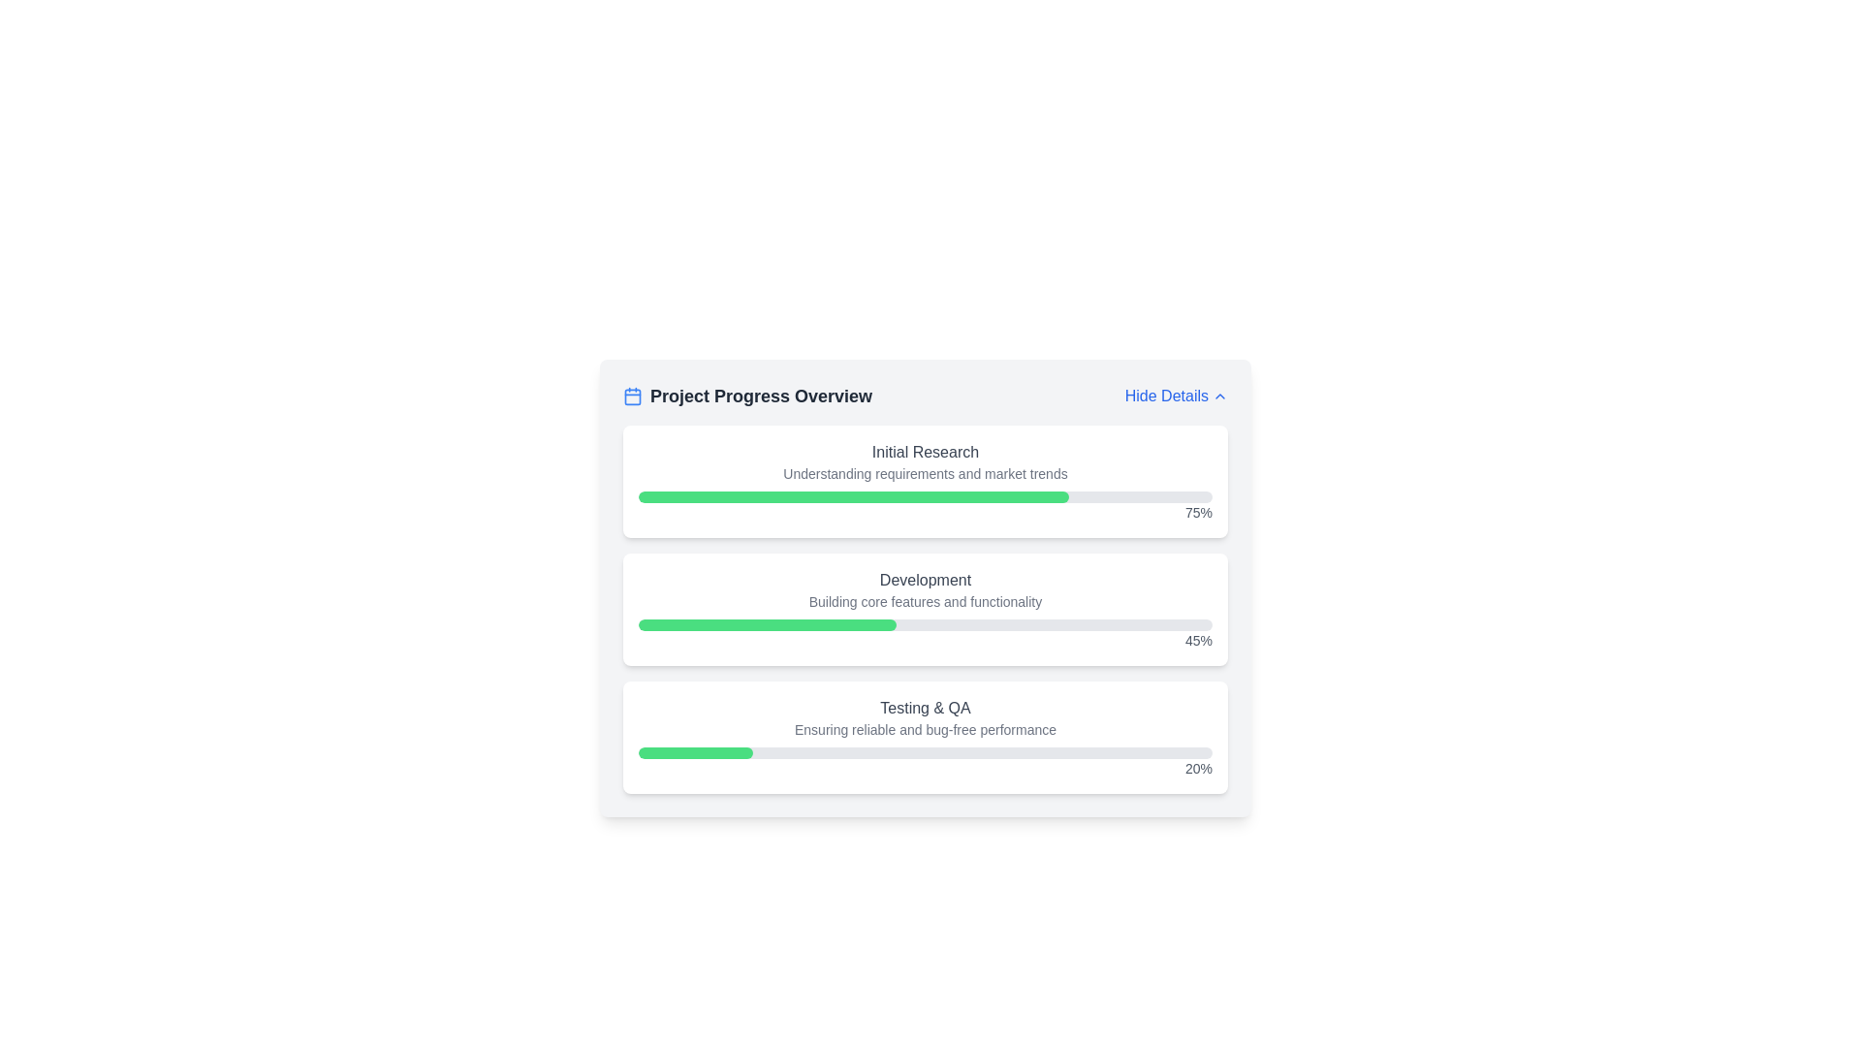 This screenshot has width=1861, height=1047. I want to click on the progress bar representing the completion percentage of the 'Initial Research' task located within the 'Initial Research' card, so click(925, 496).